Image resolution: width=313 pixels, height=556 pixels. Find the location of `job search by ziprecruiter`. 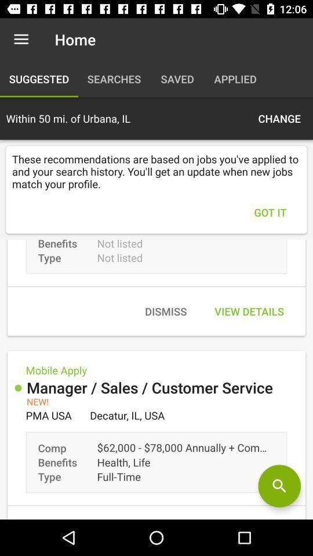

job search by ziprecruiter is located at coordinates (279, 486).